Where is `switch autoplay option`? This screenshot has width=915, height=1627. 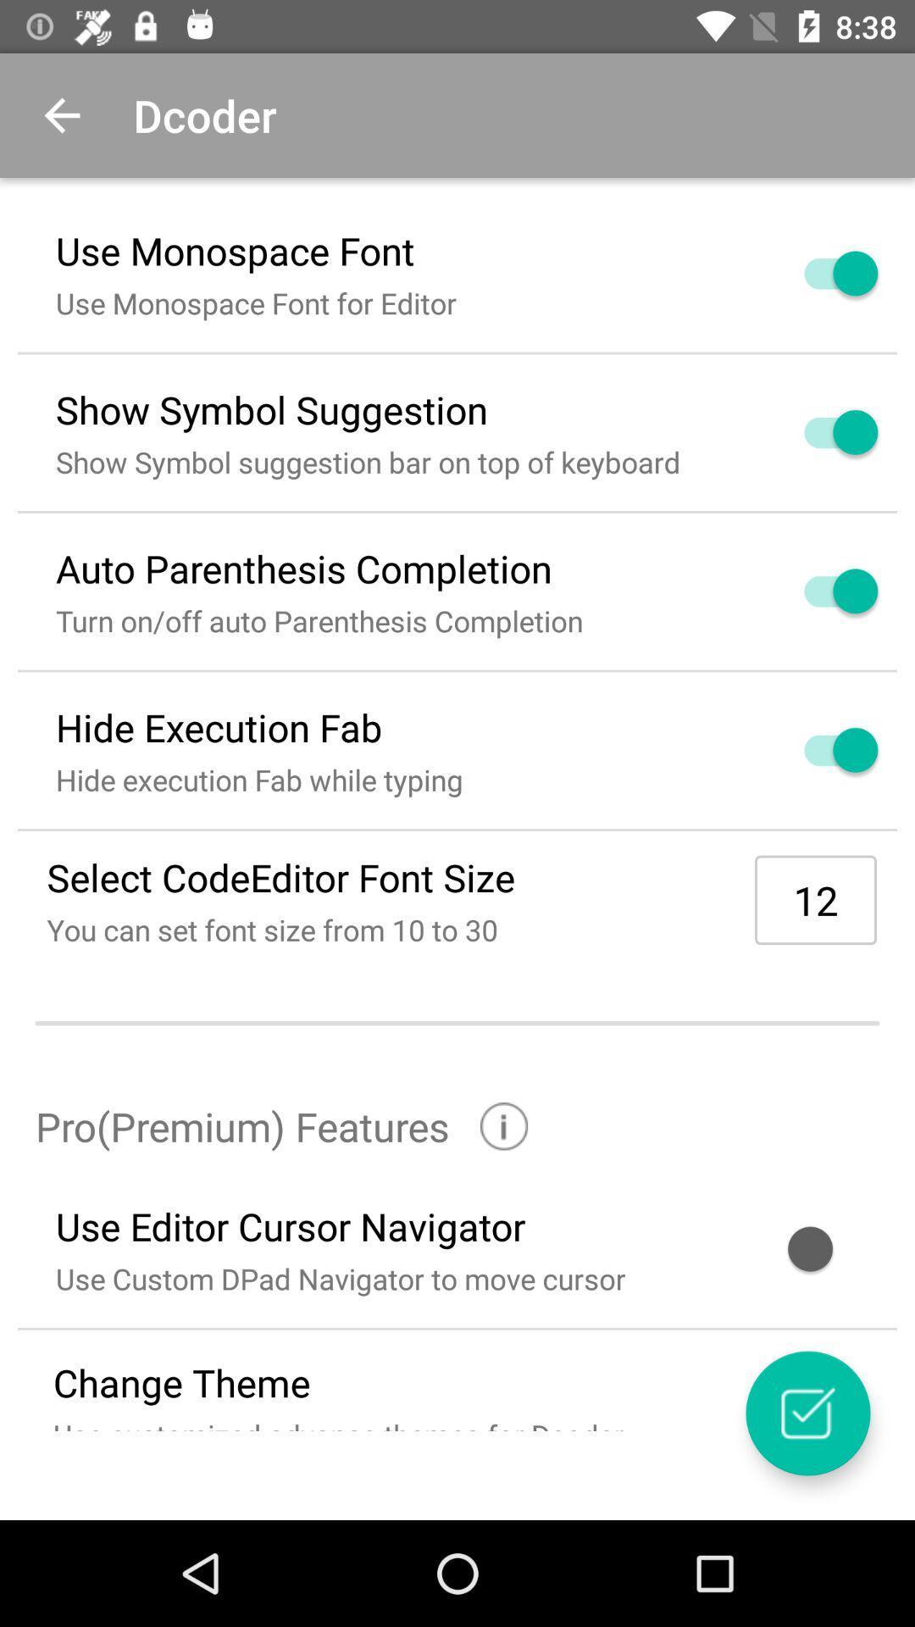
switch autoplay option is located at coordinates (820, 591).